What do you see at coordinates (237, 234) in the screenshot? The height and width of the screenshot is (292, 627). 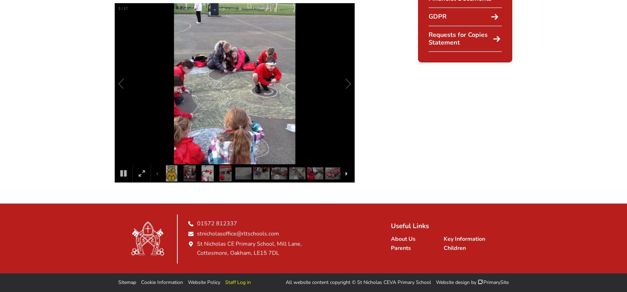 I see `'stnicholasoffice@rltschools.com'` at bounding box center [237, 234].